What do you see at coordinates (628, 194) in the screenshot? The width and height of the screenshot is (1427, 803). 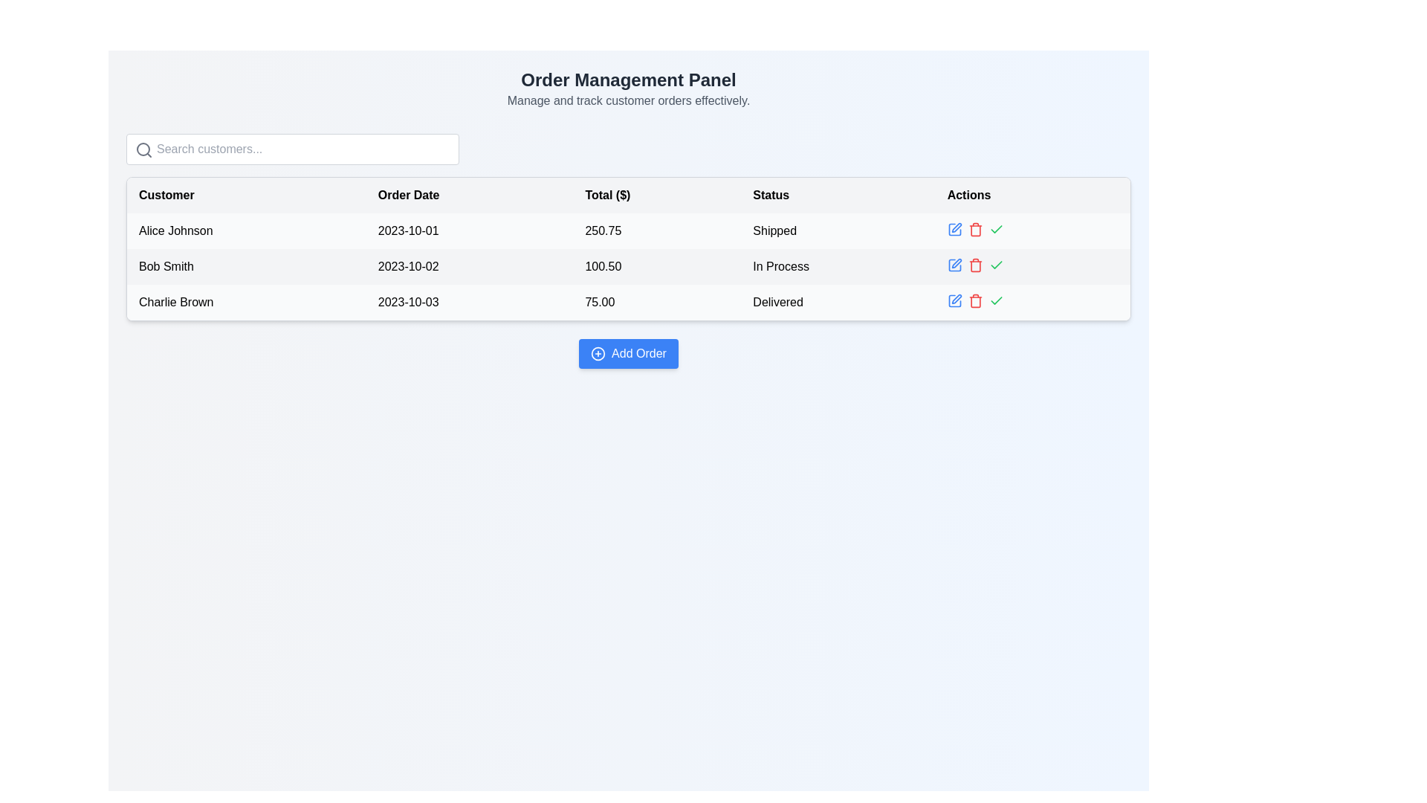 I see `the header row of the table, which has a light gray background and contains the labels 'Customer', 'Order Date', 'Total ($)', 'Status', and 'Actions'` at bounding box center [628, 194].